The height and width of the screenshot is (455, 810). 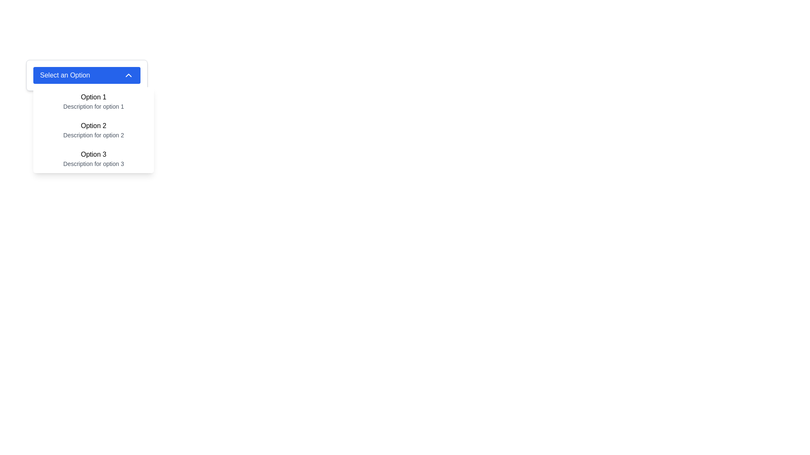 I want to click on the list item displaying 'Option 3' with a description 'Description for option 3' in the dropdown menu, so click(x=93, y=159).